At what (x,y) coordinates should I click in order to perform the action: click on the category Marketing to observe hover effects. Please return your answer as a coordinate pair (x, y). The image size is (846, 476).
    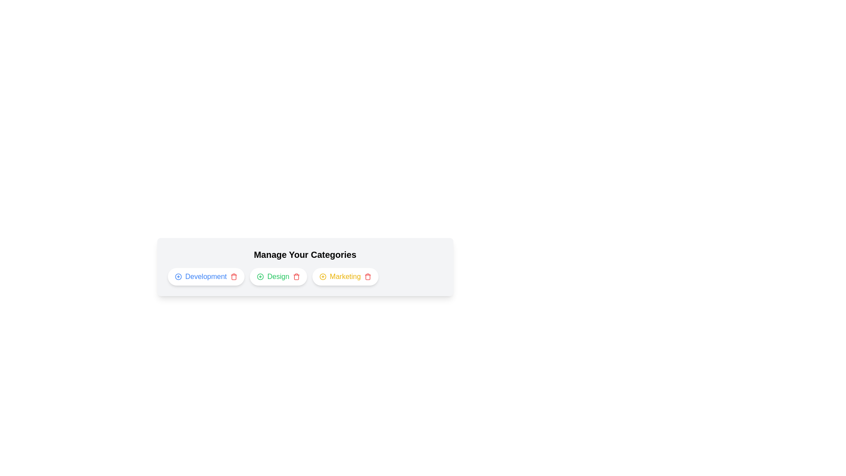
    Looking at the image, I should click on (345, 276).